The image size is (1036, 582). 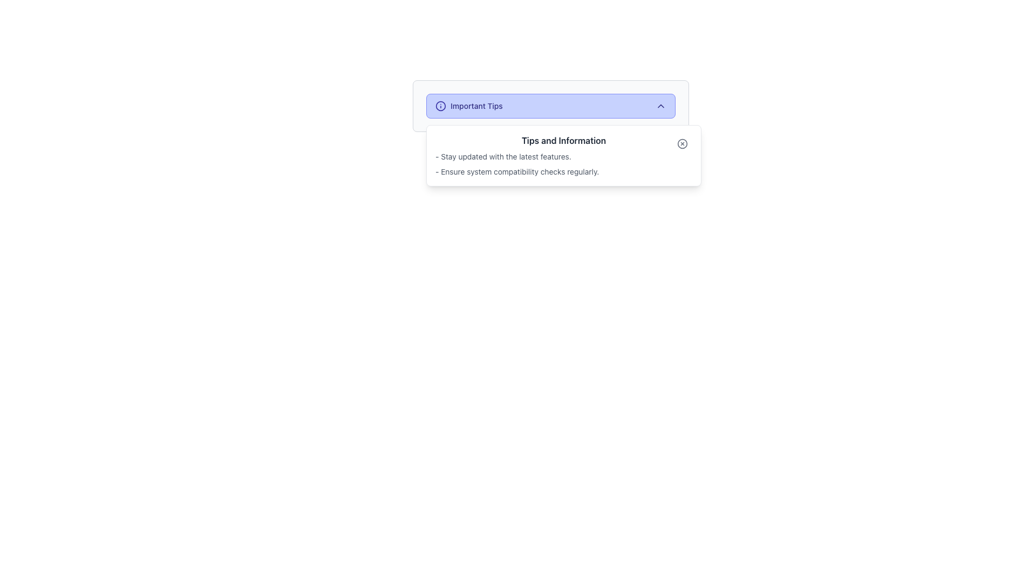 What do you see at coordinates (563, 156) in the screenshot?
I see `informational text within the tooltip titled 'Tips and Information', which contains two bullet points of tips` at bounding box center [563, 156].